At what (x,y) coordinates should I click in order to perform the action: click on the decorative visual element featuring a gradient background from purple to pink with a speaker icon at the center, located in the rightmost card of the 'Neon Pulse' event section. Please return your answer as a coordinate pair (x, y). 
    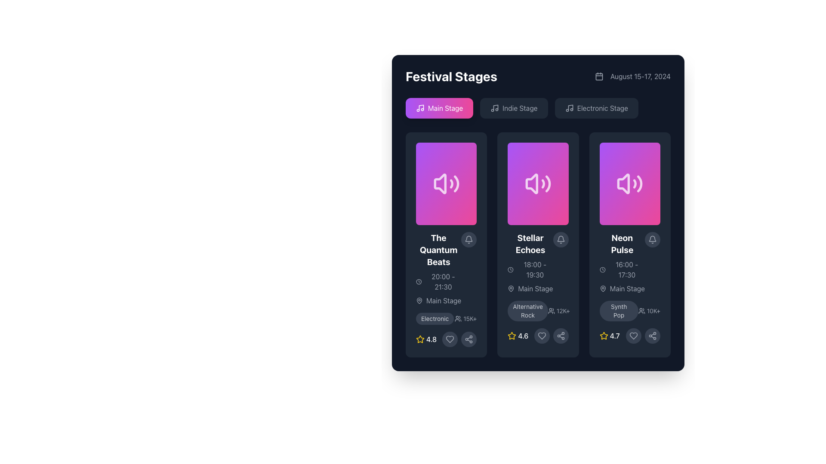
    Looking at the image, I should click on (630, 183).